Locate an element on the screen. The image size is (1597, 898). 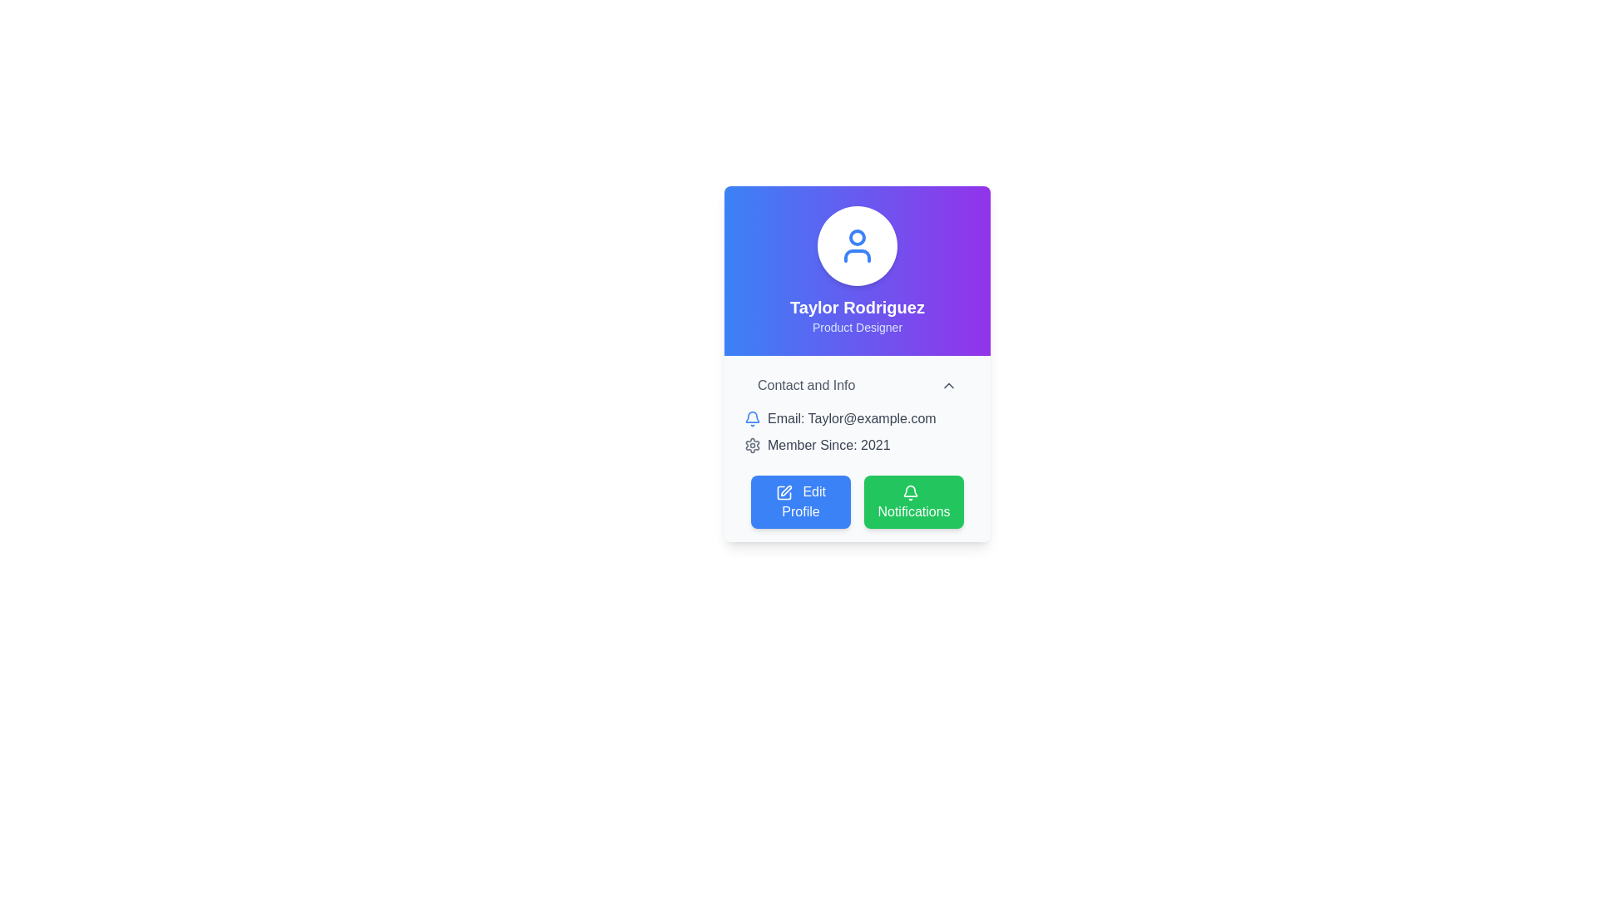
the small gray gear icon located to the left of the text 'Member Since: 2021' in the user card component is located at coordinates (752, 445).